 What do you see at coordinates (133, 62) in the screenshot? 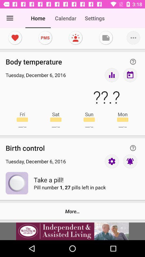
I see `question icon` at bounding box center [133, 62].